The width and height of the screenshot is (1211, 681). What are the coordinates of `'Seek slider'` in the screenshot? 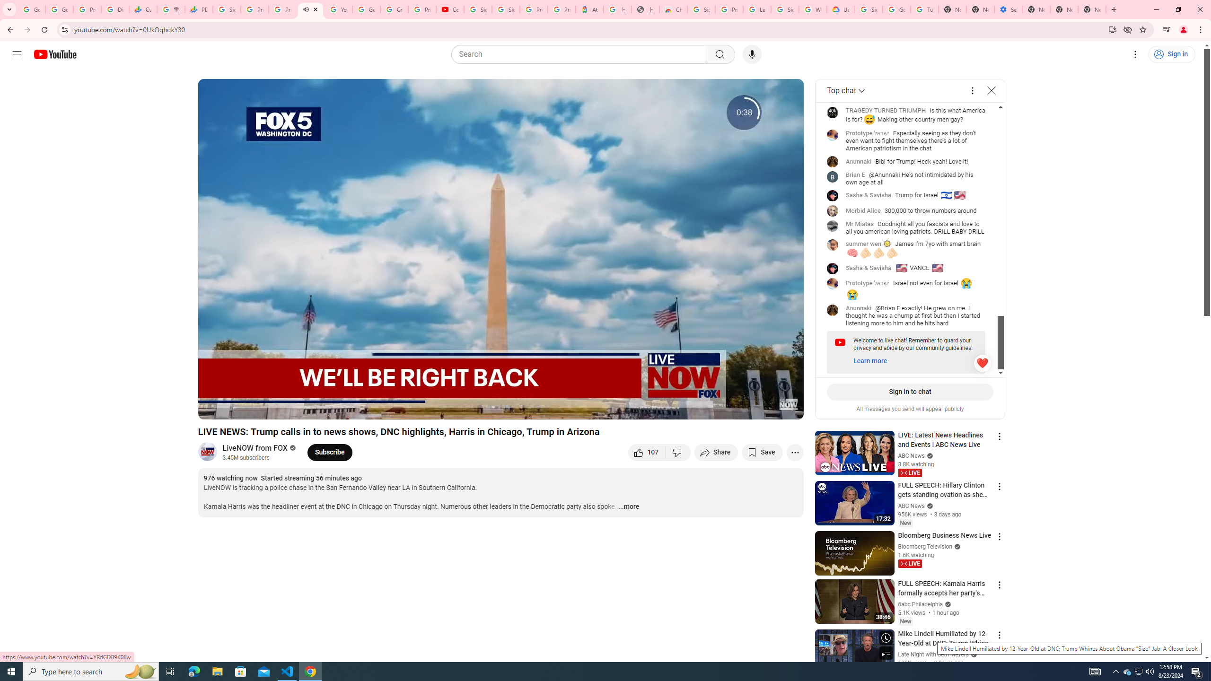 It's located at (500, 395).